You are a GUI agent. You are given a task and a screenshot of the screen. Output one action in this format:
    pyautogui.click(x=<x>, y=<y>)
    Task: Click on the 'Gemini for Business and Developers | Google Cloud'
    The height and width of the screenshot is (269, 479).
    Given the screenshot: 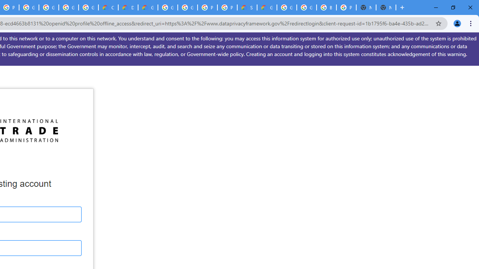 What is the action you would take?
    pyautogui.click(x=148, y=7)
    